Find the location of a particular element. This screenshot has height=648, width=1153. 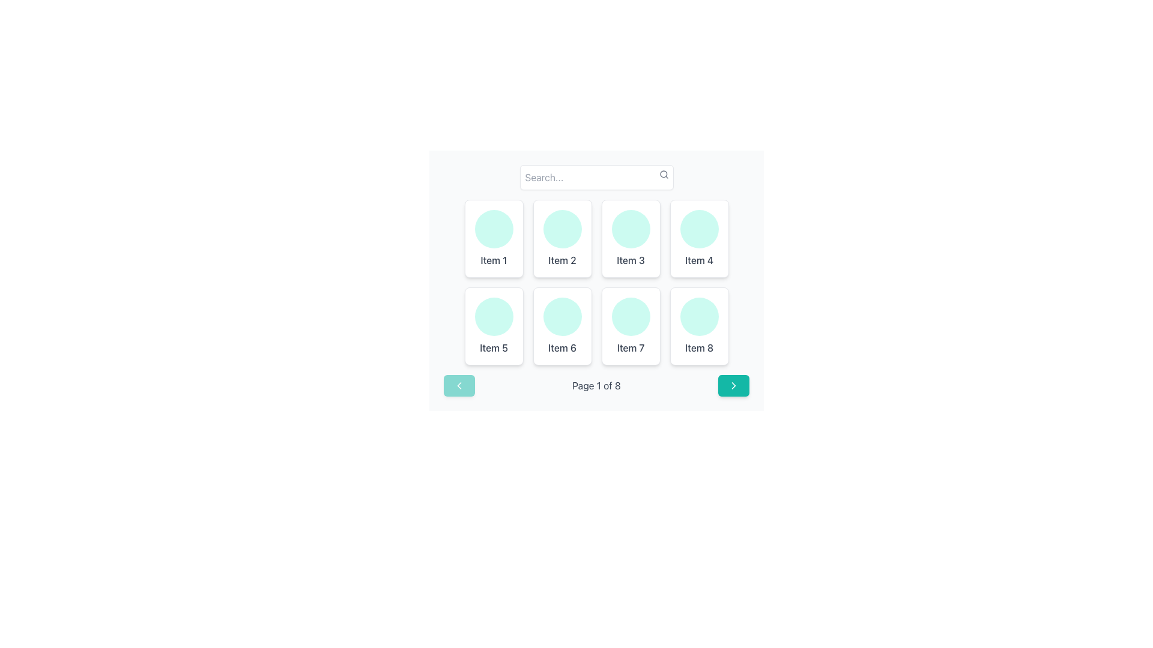

the label located in the upper row of the second column of a four-column grid, which identifies the fourth item card is located at coordinates (699, 260).